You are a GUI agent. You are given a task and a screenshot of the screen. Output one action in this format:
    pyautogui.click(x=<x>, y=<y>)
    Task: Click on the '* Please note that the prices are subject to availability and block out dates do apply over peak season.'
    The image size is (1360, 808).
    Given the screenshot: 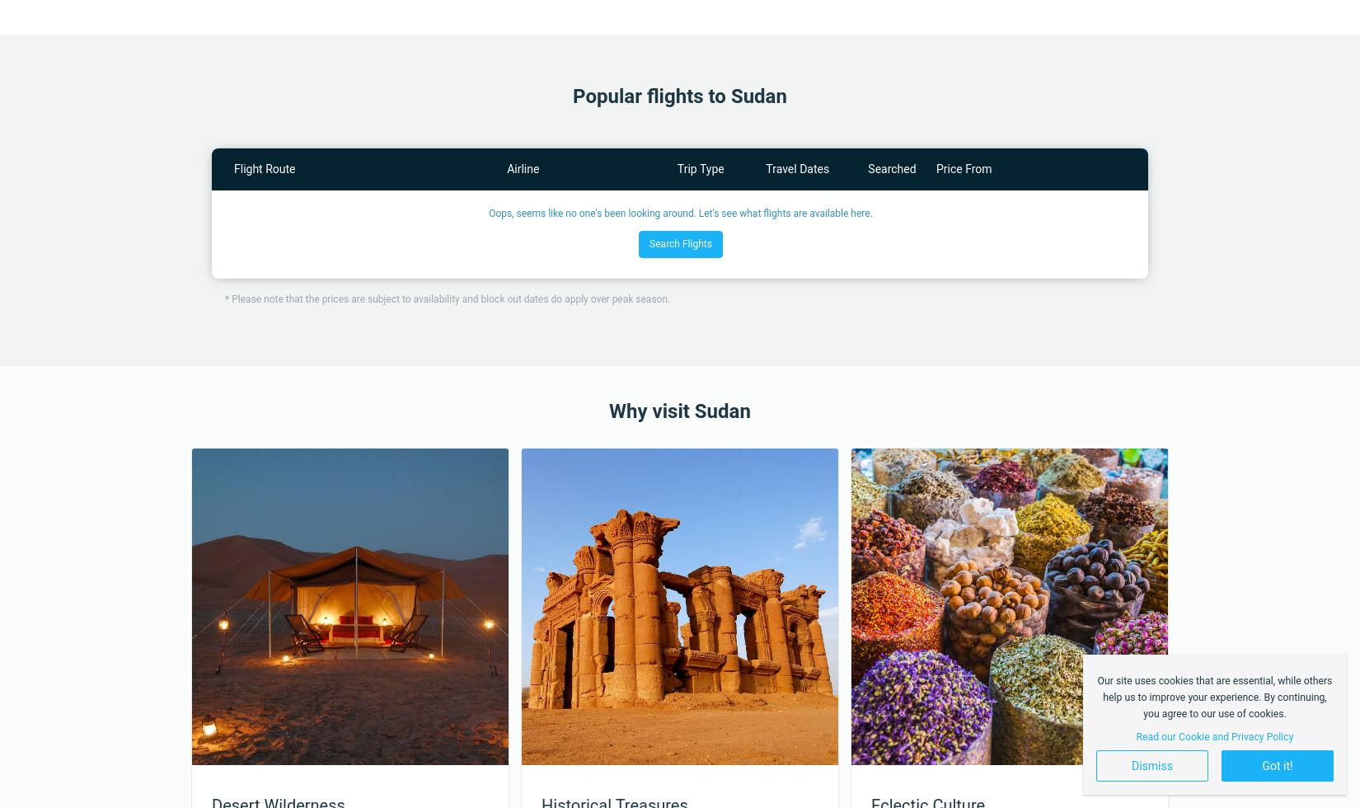 What is the action you would take?
    pyautogui.click(x=447, y=298)
    